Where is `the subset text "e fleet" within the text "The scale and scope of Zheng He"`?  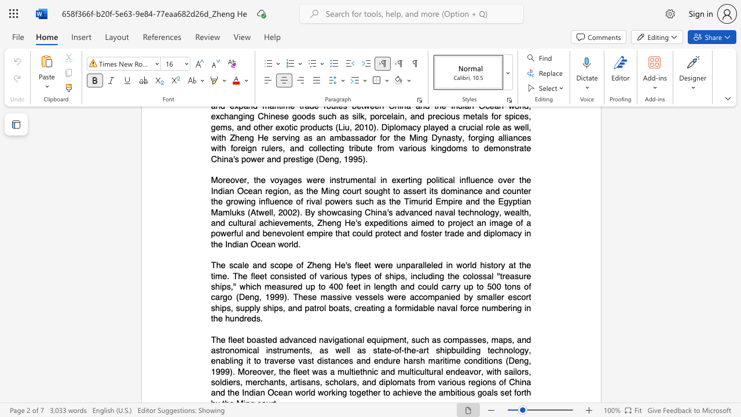
the subset text "e fleet" within the text "The scale and scope of Zheng He" is located at coordinates (242, 276).